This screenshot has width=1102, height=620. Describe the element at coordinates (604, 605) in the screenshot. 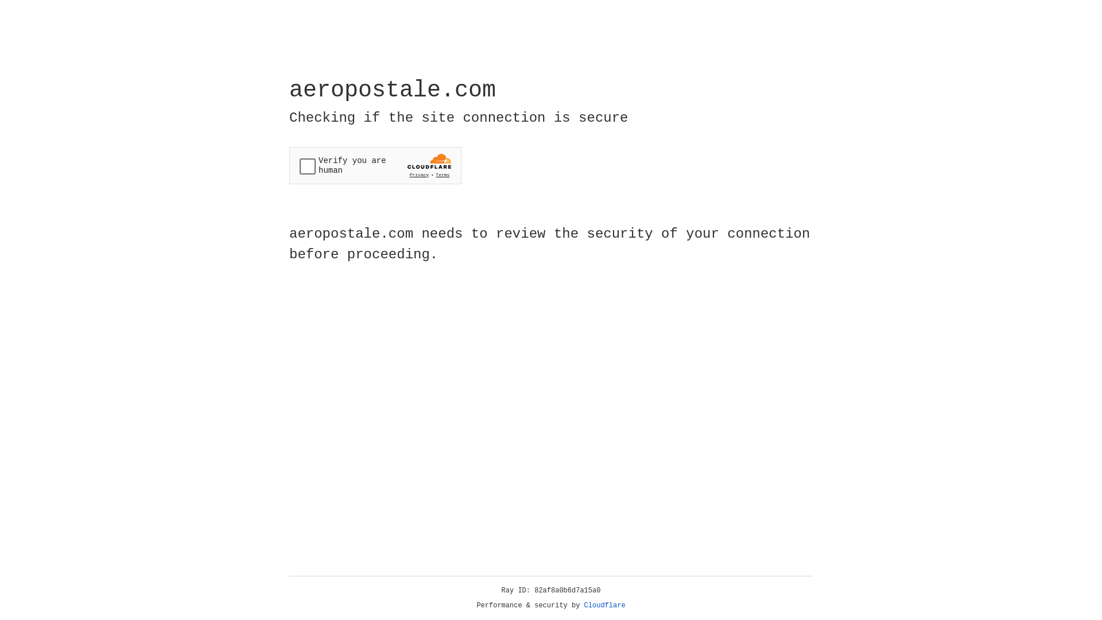

I see `'Cloudflare'` at that location.